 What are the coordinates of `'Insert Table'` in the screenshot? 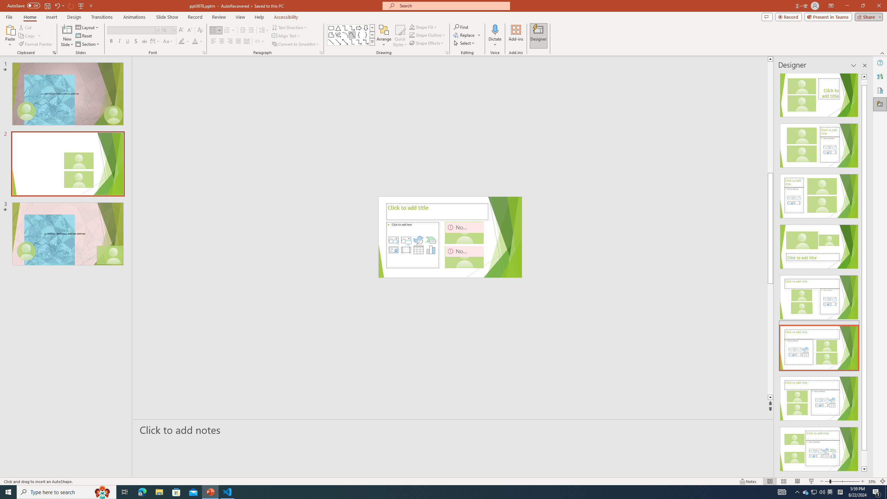 It's located at (418, 249).